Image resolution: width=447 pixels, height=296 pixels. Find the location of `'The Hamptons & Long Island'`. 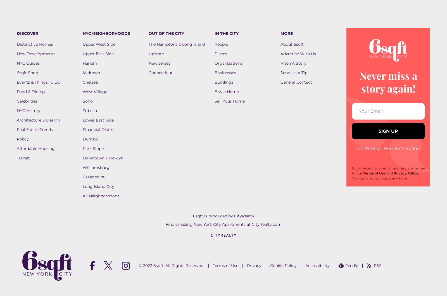

'The Hamptons & Long Island' is located at coordinates (177, 44).